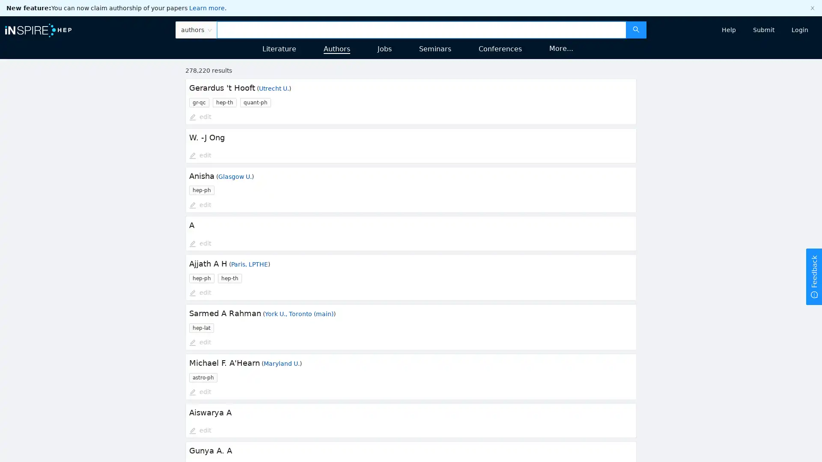 The width and height of the screenshot is (822, 462). Describe the element at coordinates (200, 342) in the screenshot. I see `edit edit` at that location.